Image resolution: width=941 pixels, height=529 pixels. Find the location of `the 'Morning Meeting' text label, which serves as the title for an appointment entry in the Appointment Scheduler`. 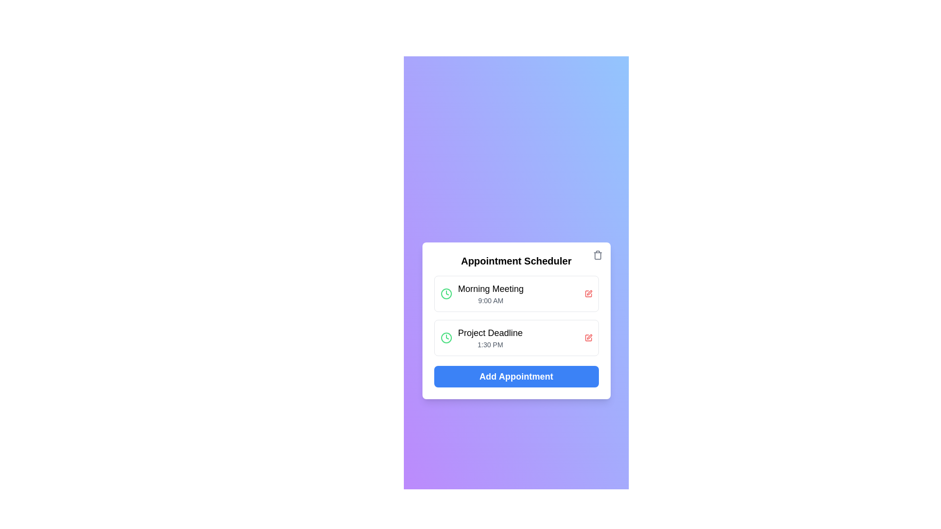

the 'Morning Meeting' text label, which serves as the title for an appointment entry in the Appointment Scheduler is located at coordinates (491, 289).